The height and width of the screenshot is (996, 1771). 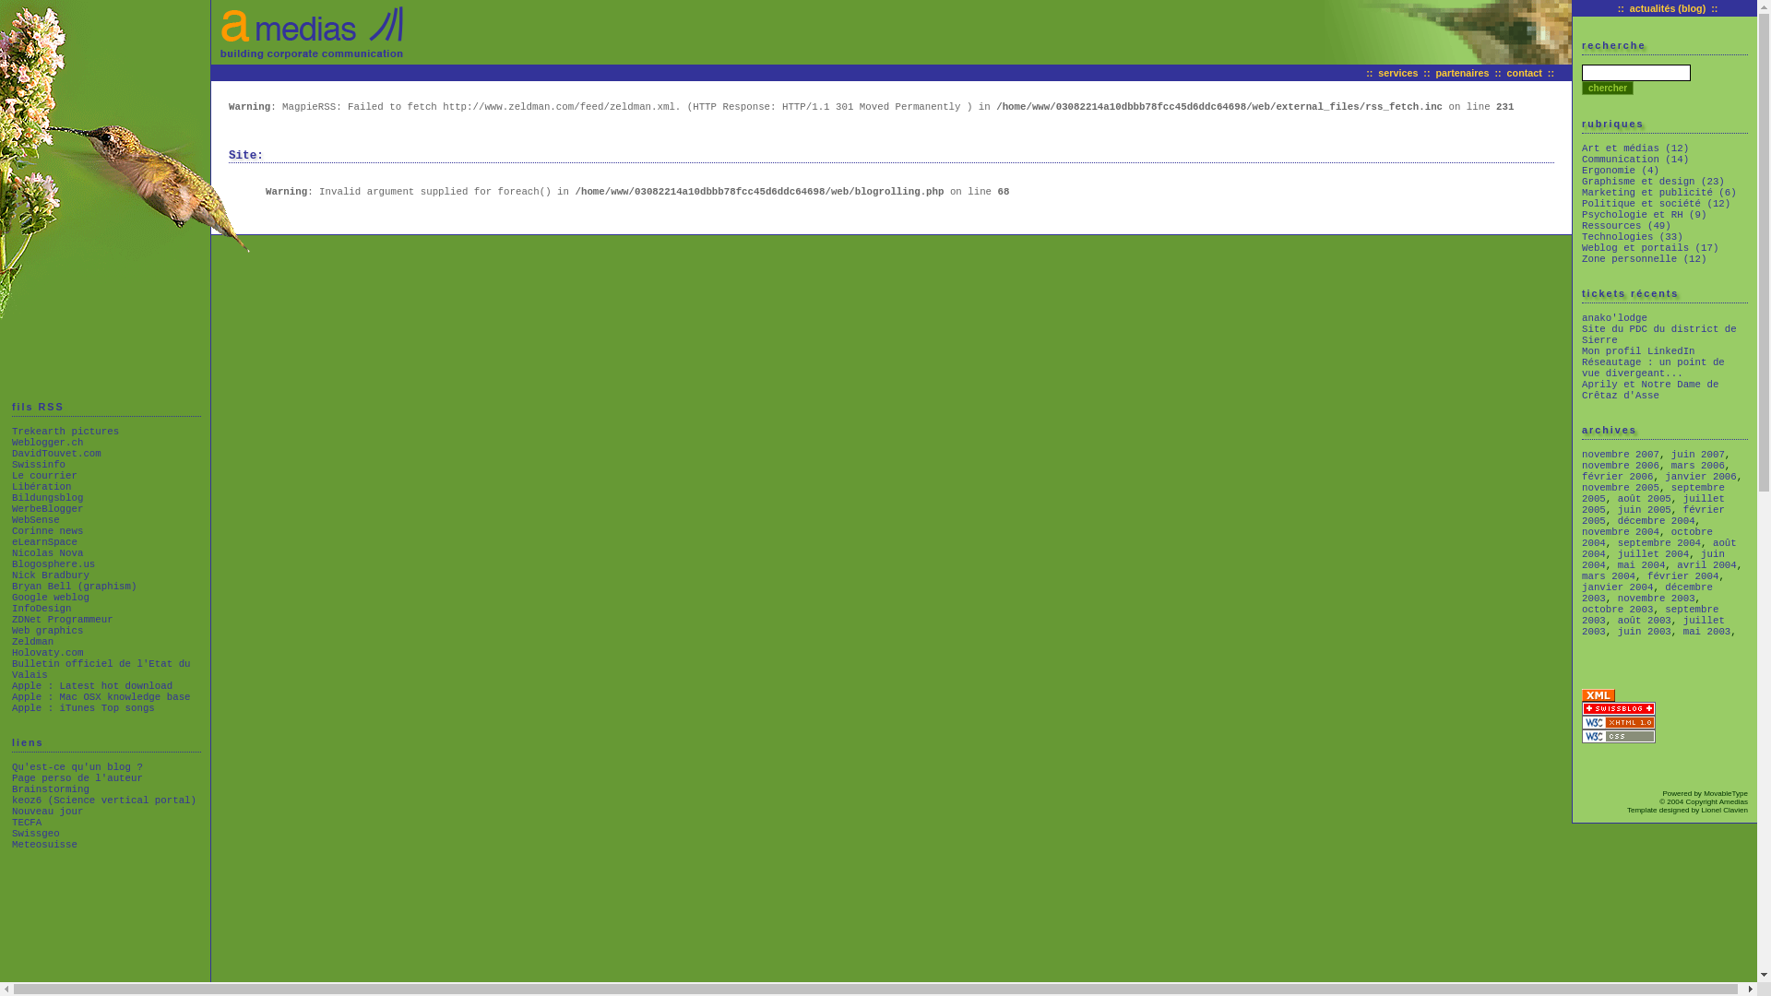 I want to click on 'Apple : Latest hot download', so click(x=12, y=686).